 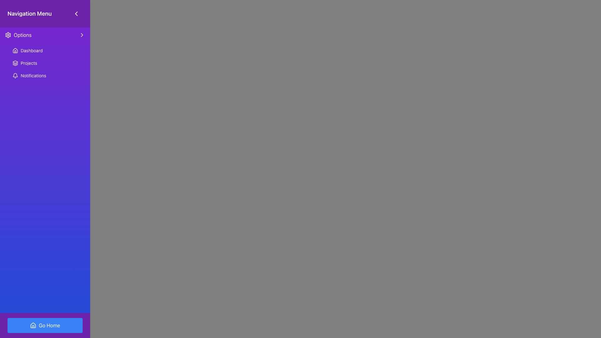 What do you see at coordinates (33, 325) in the screenshot?
I see `the 'home' icon located within the 'Go Home' button at the lower middle section of the interface` at bounding box center [33, 325].